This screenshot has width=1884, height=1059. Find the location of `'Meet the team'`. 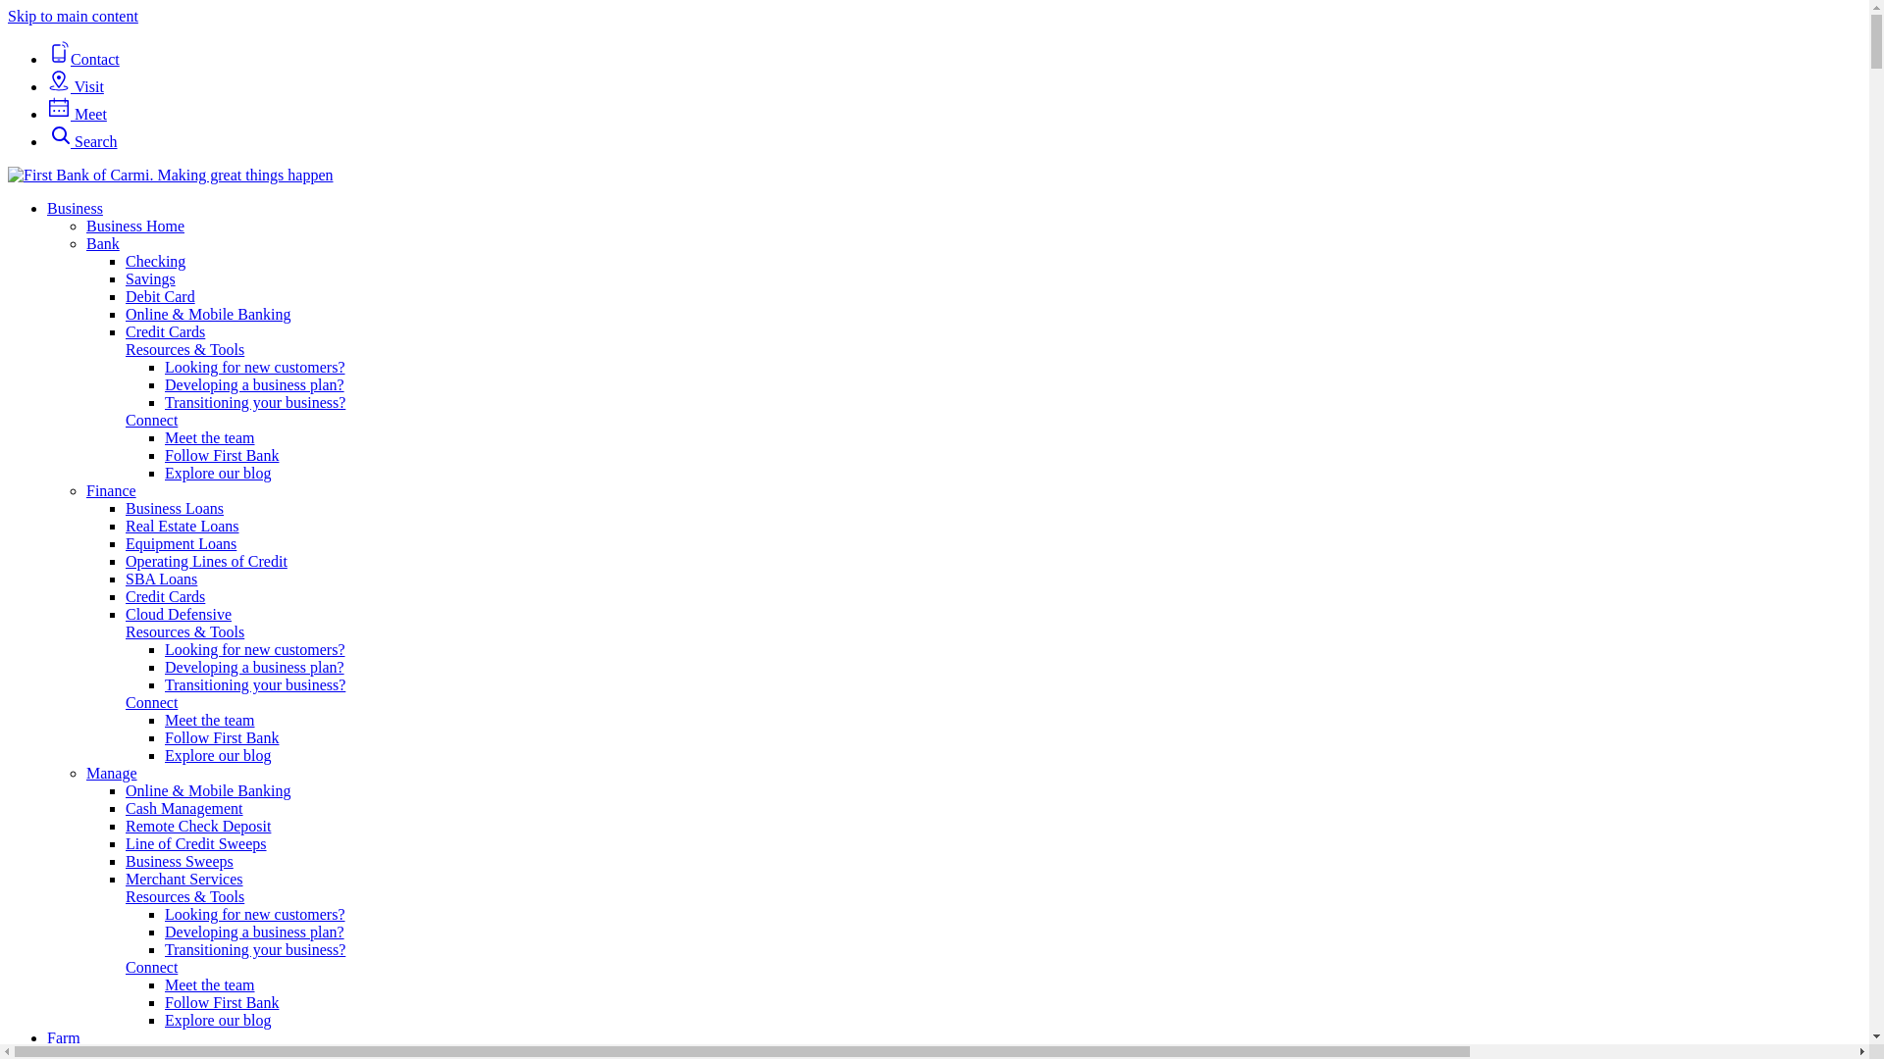

'Meet the team' is located at coordinates (210, 720).